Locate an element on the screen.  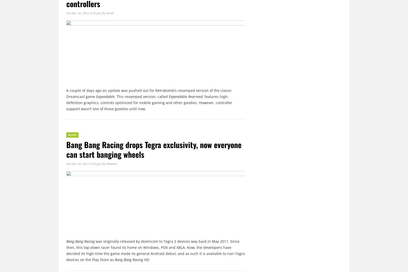
'A couple of days ago an update was pushed out for Retrobomb’s revamped version of the classic Dreamcast game' is located at coordinates (149, 93).